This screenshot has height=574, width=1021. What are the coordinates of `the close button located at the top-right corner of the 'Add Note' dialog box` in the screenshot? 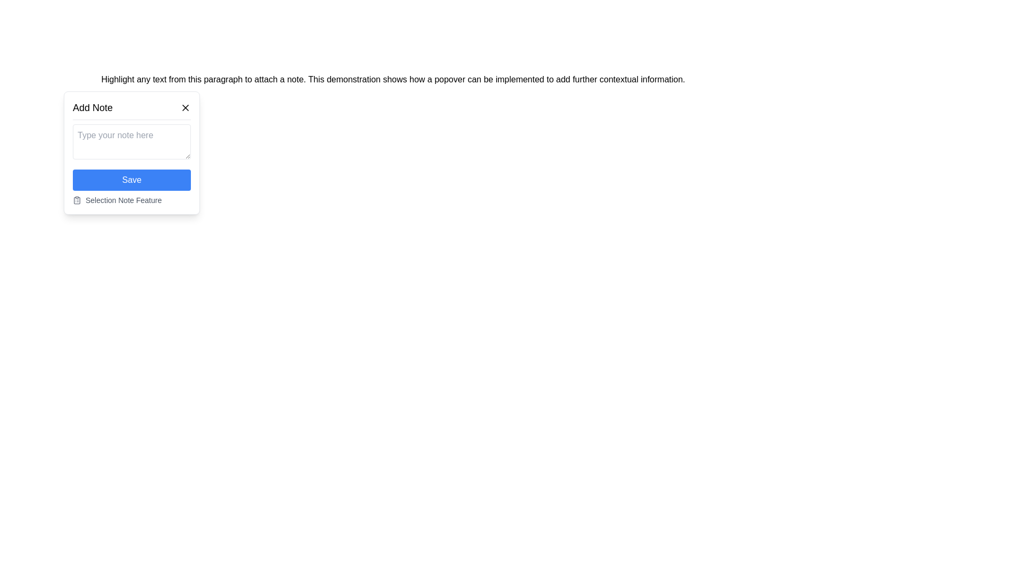 It's located at (186, 108).